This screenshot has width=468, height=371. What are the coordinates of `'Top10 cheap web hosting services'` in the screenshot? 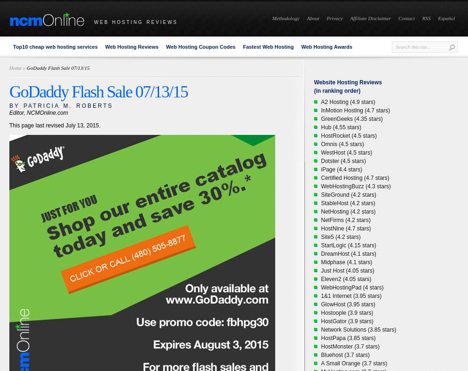 It's located at (55, 46).